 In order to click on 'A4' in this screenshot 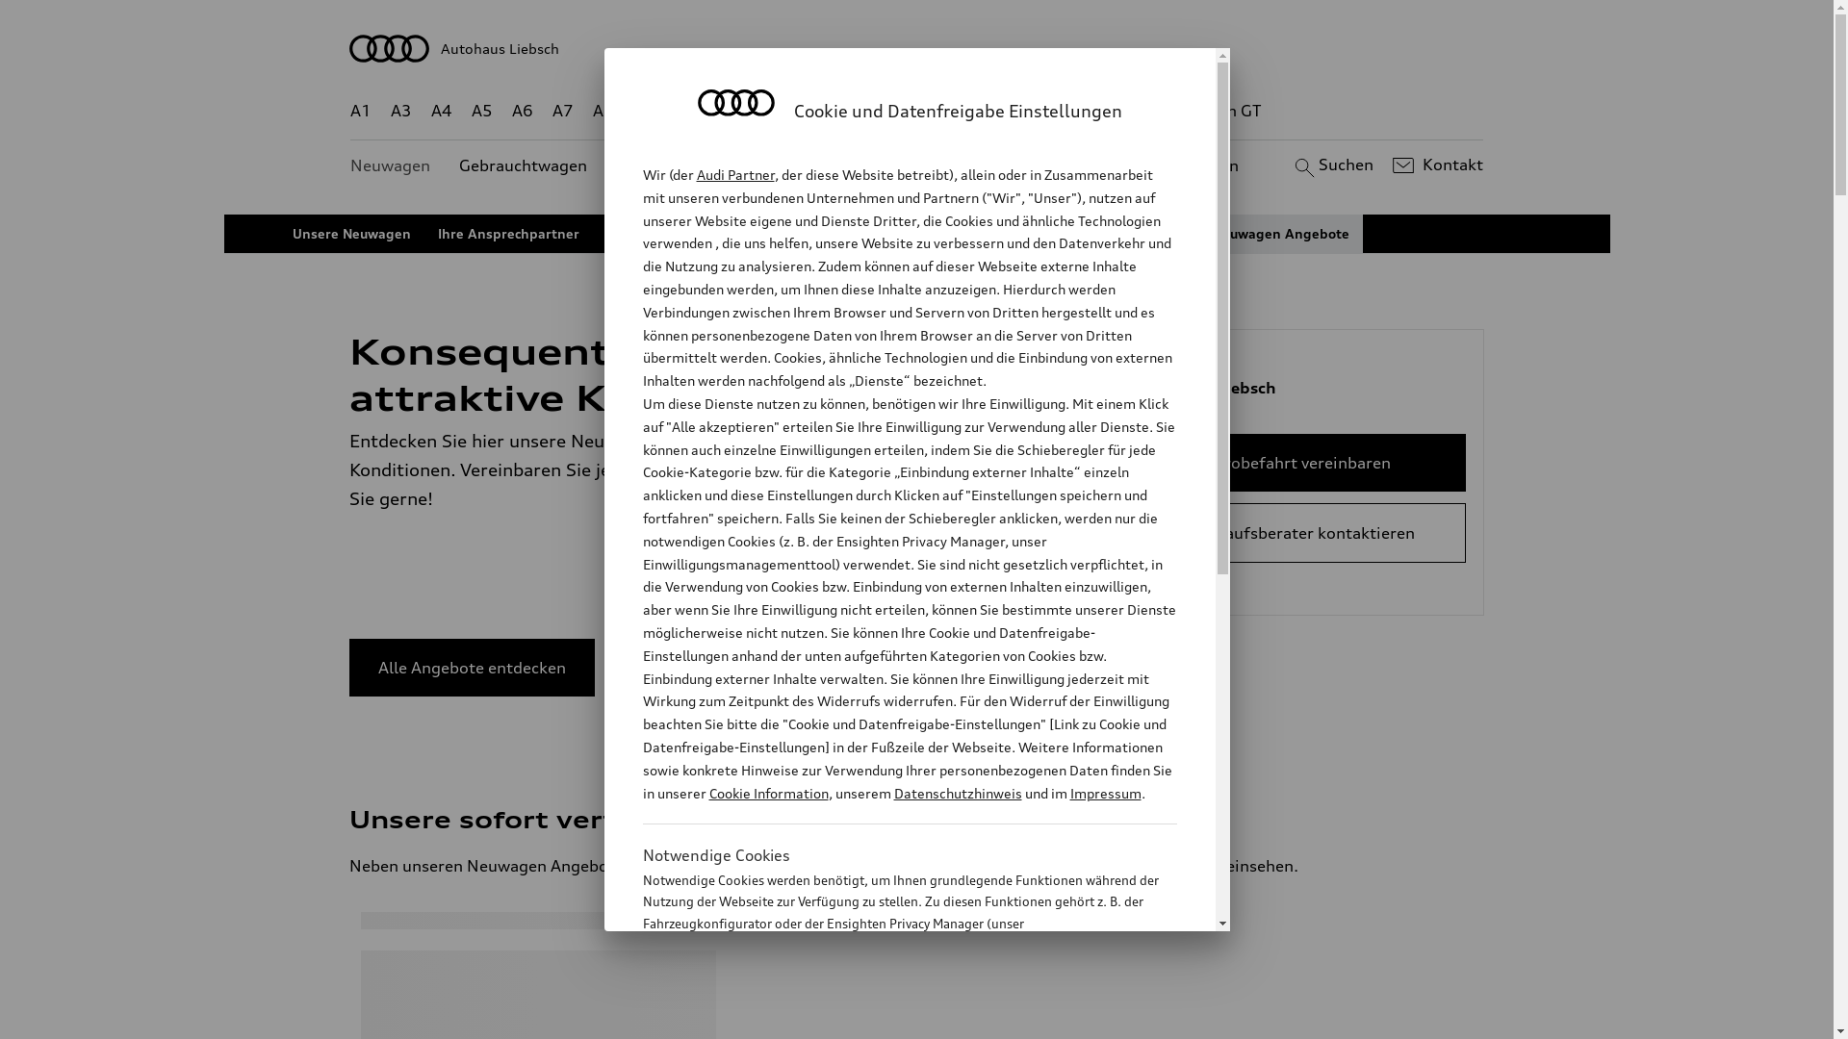, I will do `click(441, 111)`.